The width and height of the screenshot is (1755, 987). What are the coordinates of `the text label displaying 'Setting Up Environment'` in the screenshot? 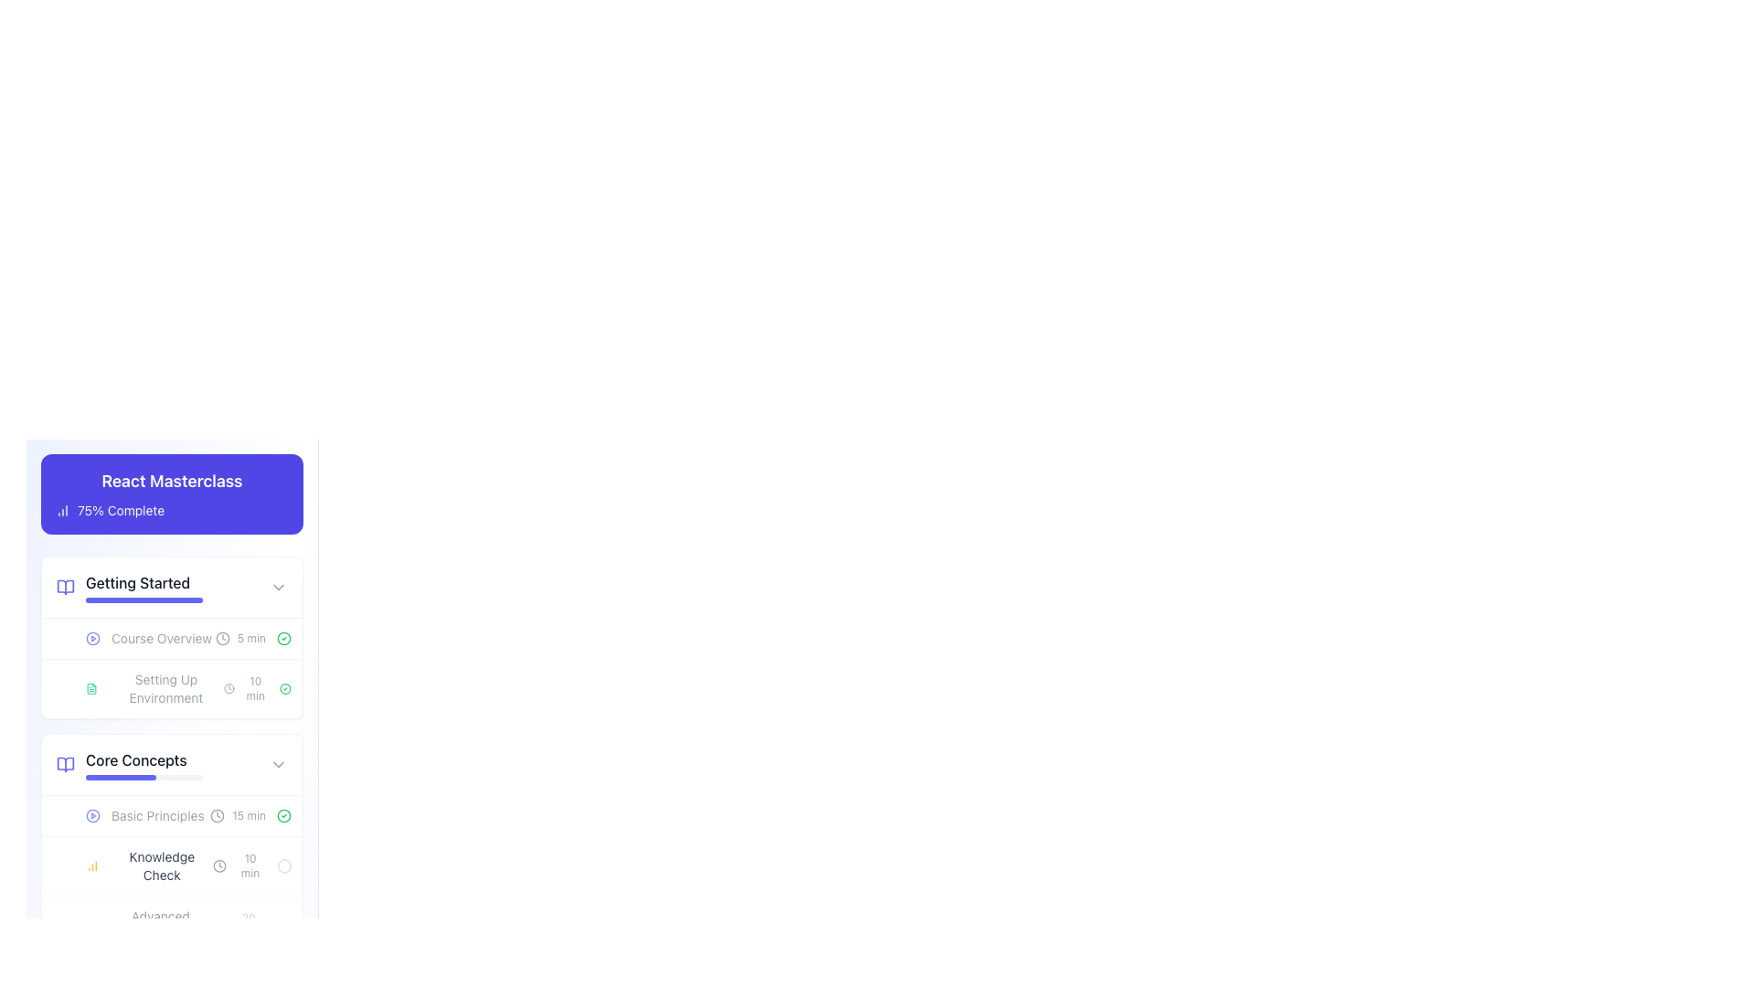 It's located at (154, 688).